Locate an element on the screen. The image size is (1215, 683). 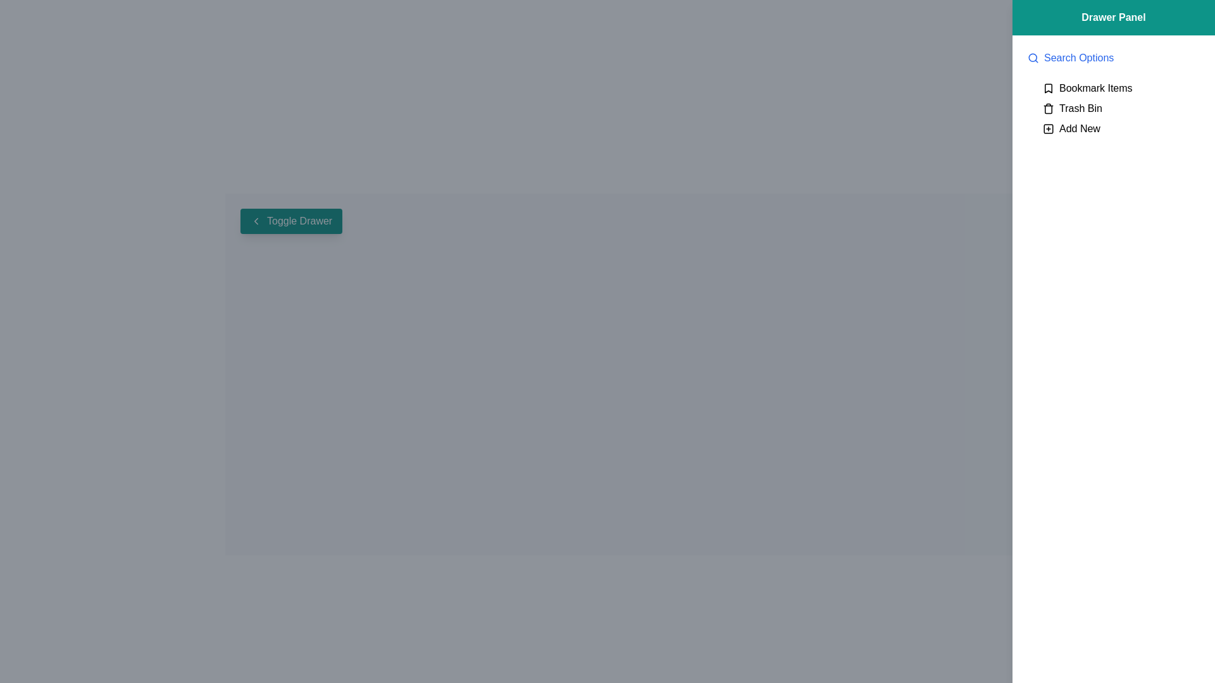
the text label component that indicates the action of toggling a drawer panel is located at coordinates (299, 221).